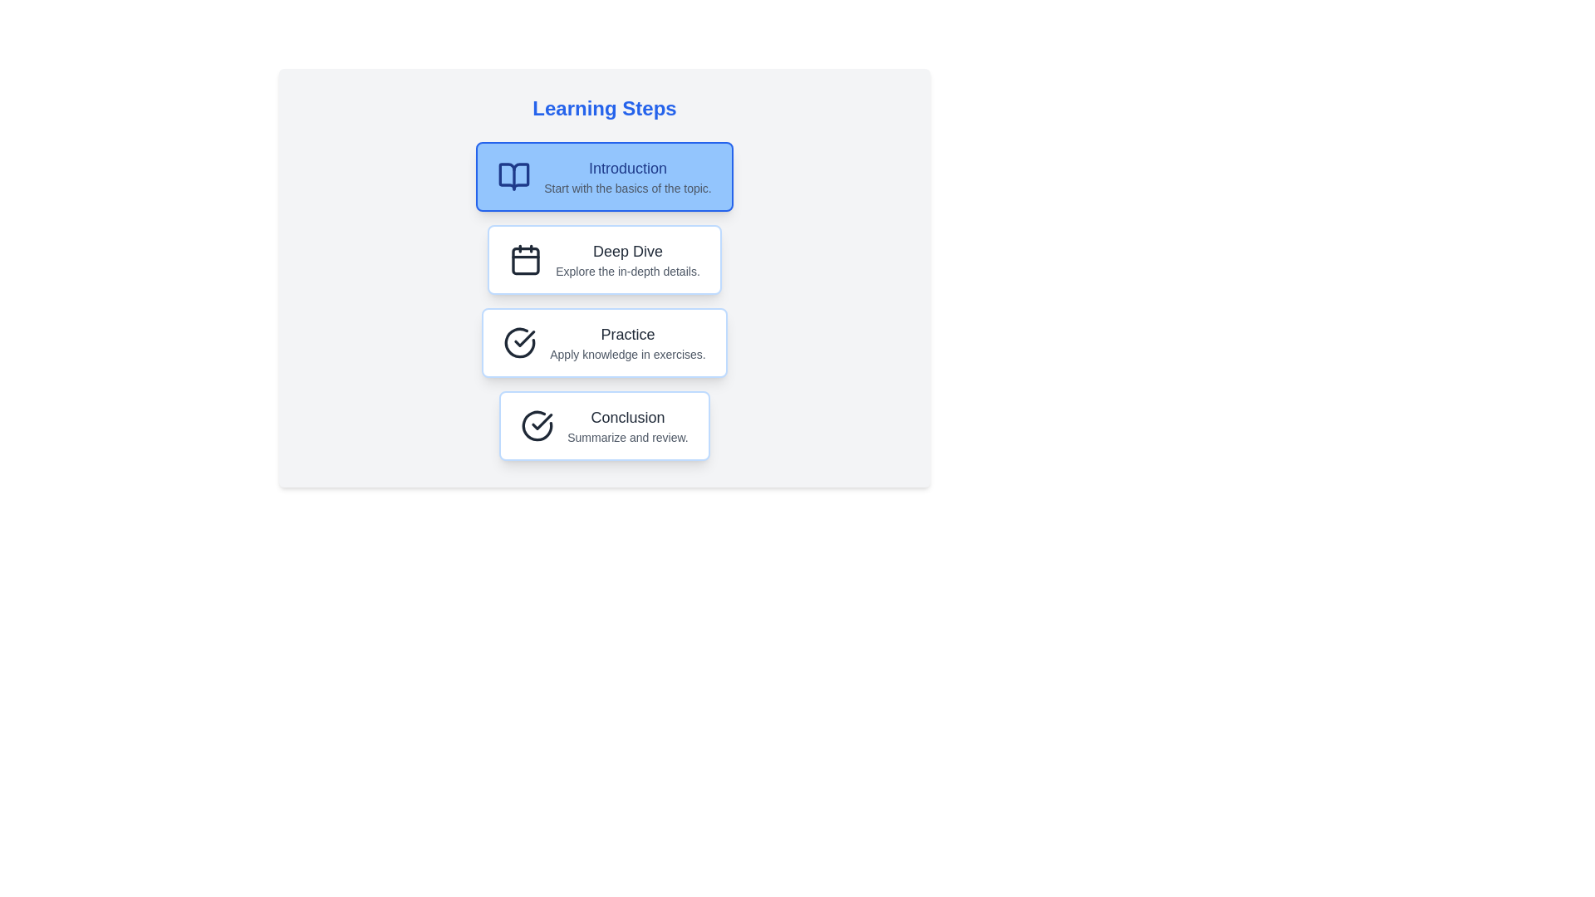 The width and height of the screenshot is (1595, 897). What do you see at coordinates (604, 425) in the screenshot?
I see `the 'Conclusion' button, which is the fourth button in the vertical list within the 'Learning Steps' card, featuring a checkmark icon and two lines of text` at bounding box center [604, 425].